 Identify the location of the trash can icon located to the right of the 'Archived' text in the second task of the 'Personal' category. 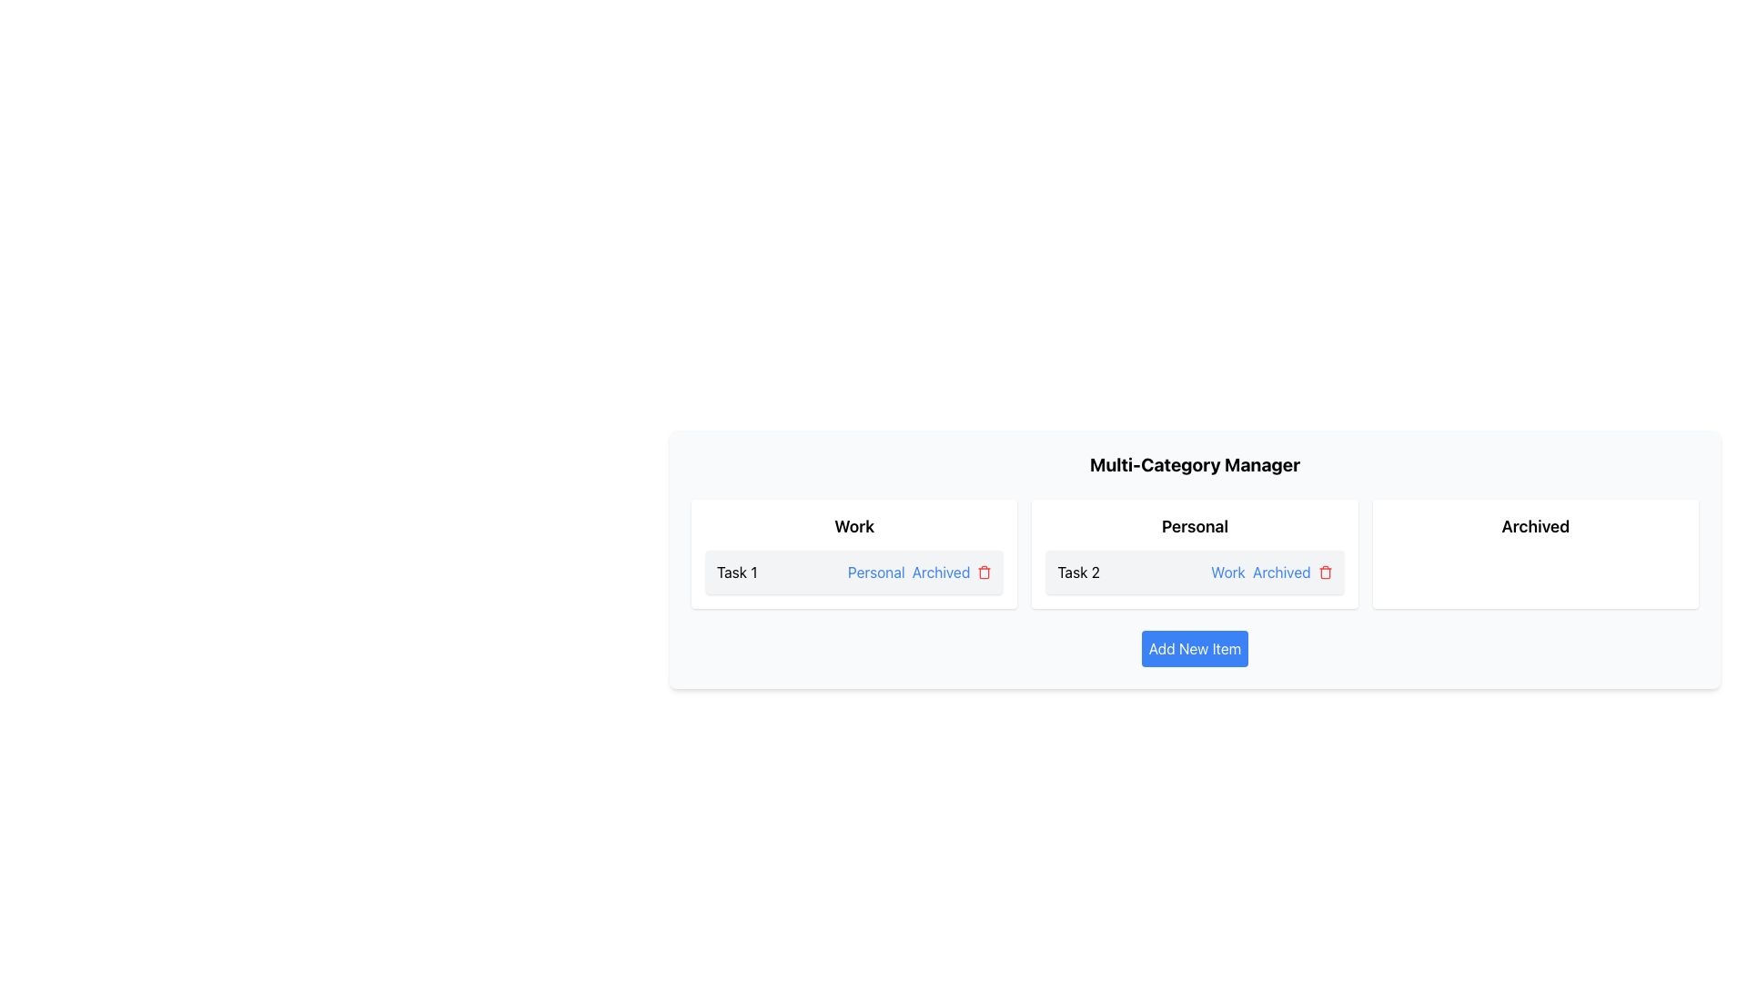
(984, 573).